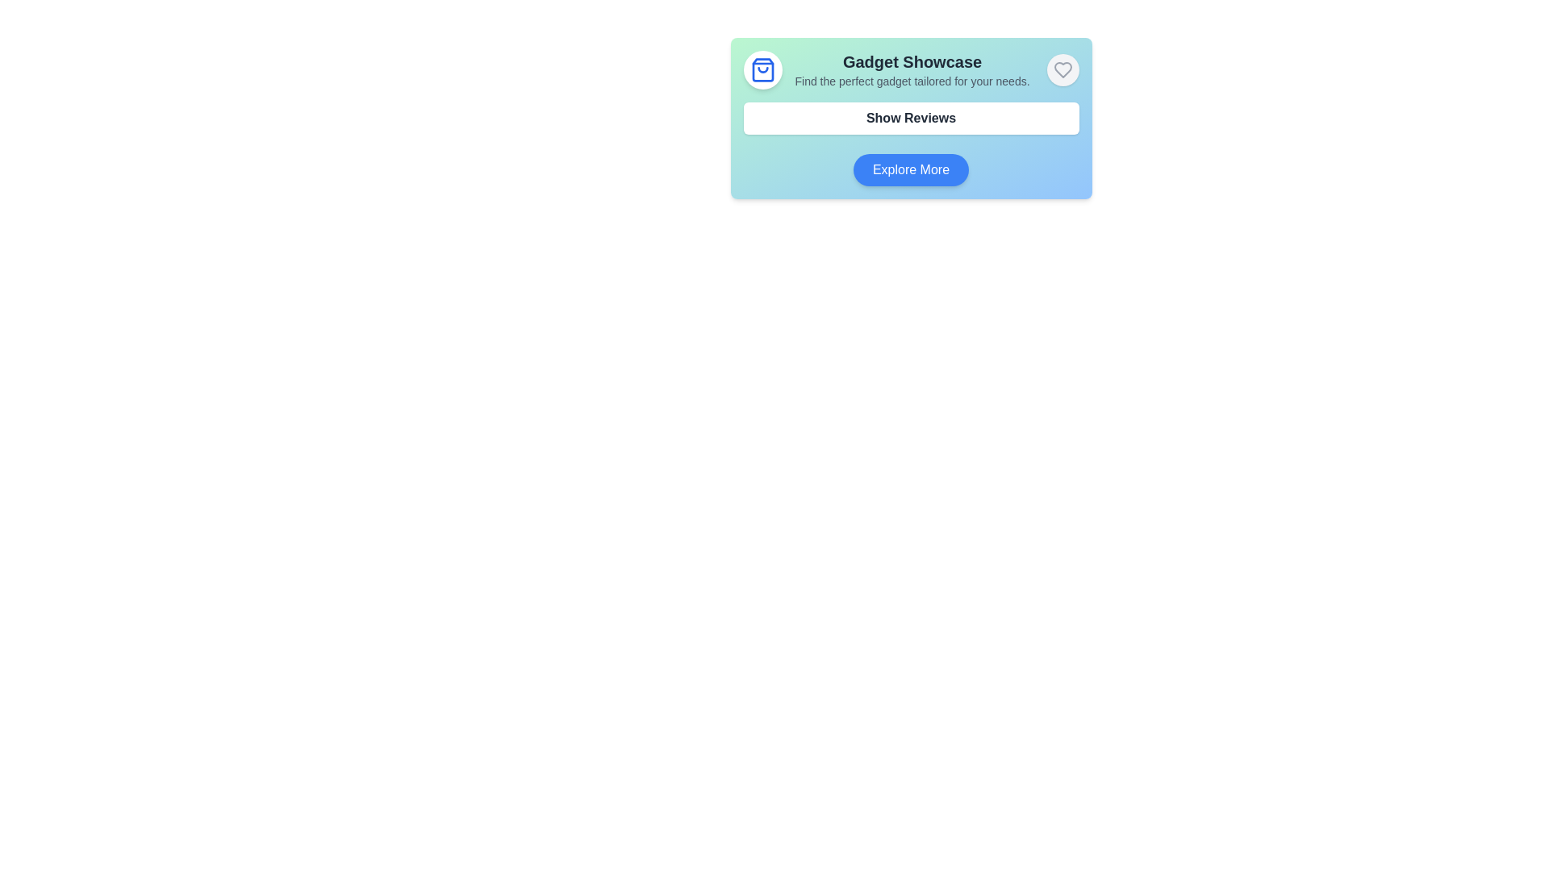 The width and height of the screenshot is (1549, 871). I want to click on the Header block displaying the title 'Gadget Showcase' and subtitle 'Find the perfect gadget tailored for your needs.' positioned at the top center of the interface, so click(911, 69).